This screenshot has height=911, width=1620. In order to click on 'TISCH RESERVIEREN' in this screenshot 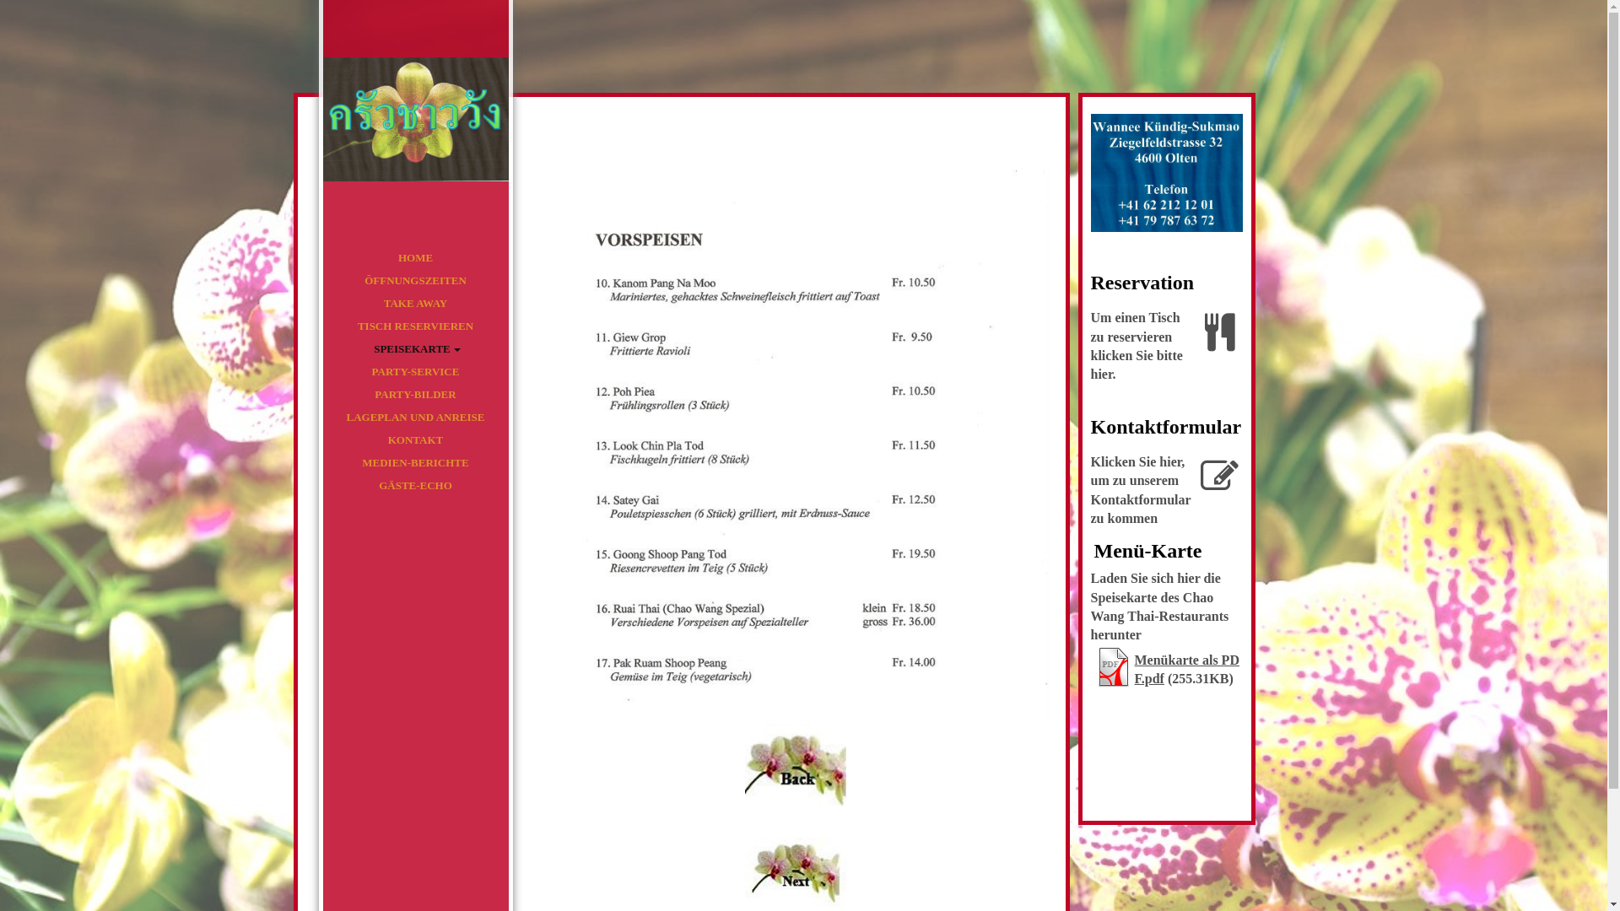, I will do `click(414, 326)`.